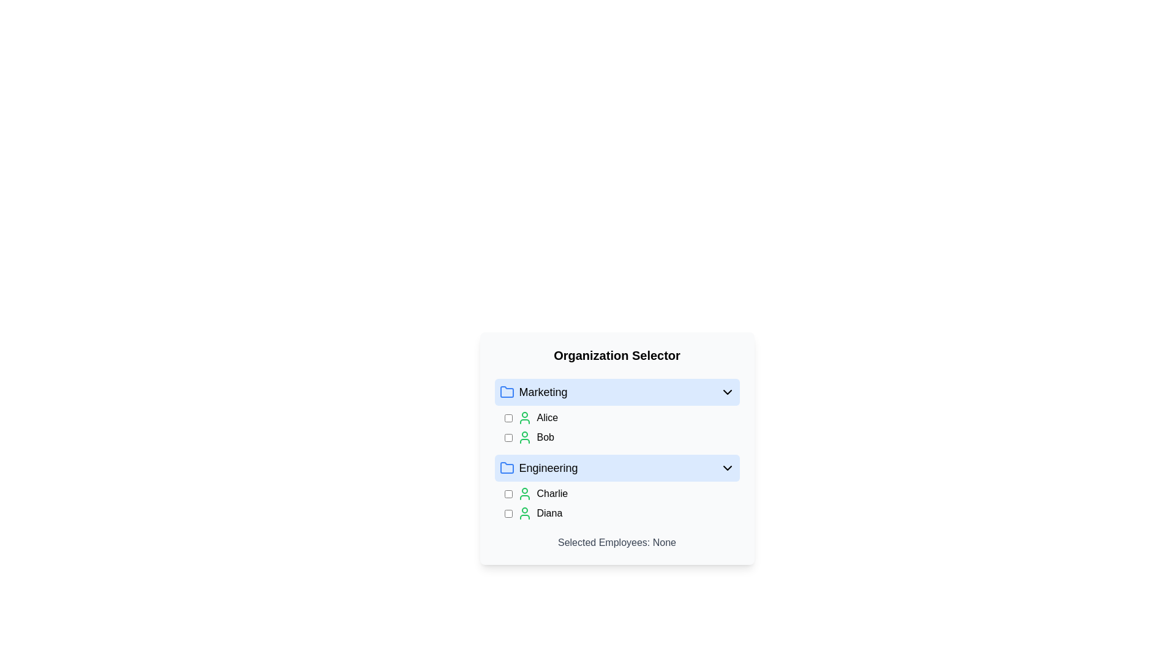 The width and height of the screenshot is (1176, 661). What do you see at coordinates (524, 513) in the screenshot?
I see `the user icon with a green stroke located next to the text 'Diana' for information` at bounding box center [524, 513].